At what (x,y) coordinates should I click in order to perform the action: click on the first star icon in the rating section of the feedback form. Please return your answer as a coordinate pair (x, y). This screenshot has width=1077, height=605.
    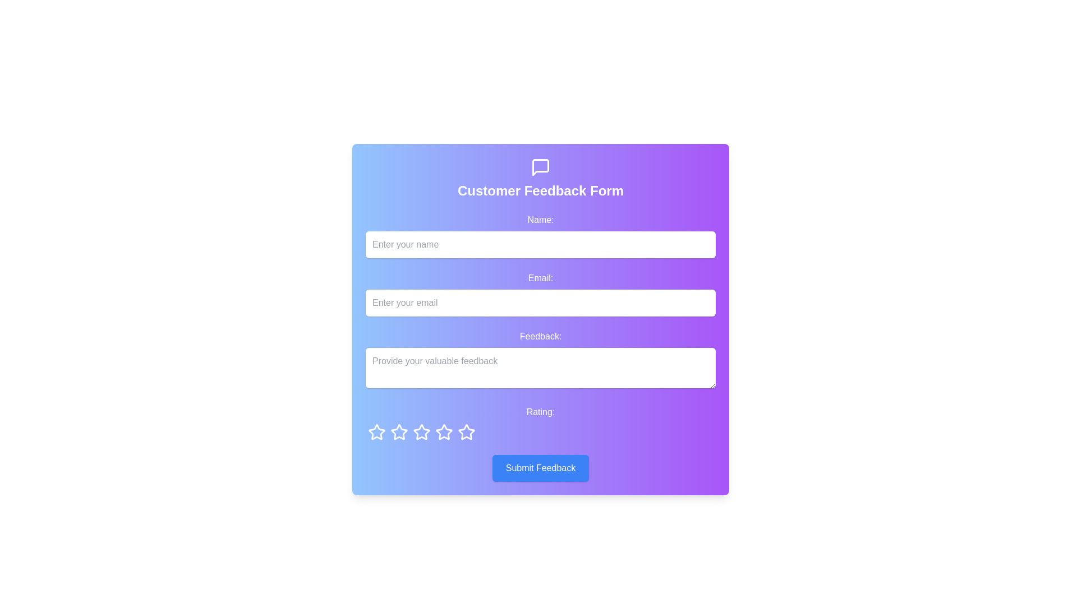
    Looking at the image, I should click on (377, 431).